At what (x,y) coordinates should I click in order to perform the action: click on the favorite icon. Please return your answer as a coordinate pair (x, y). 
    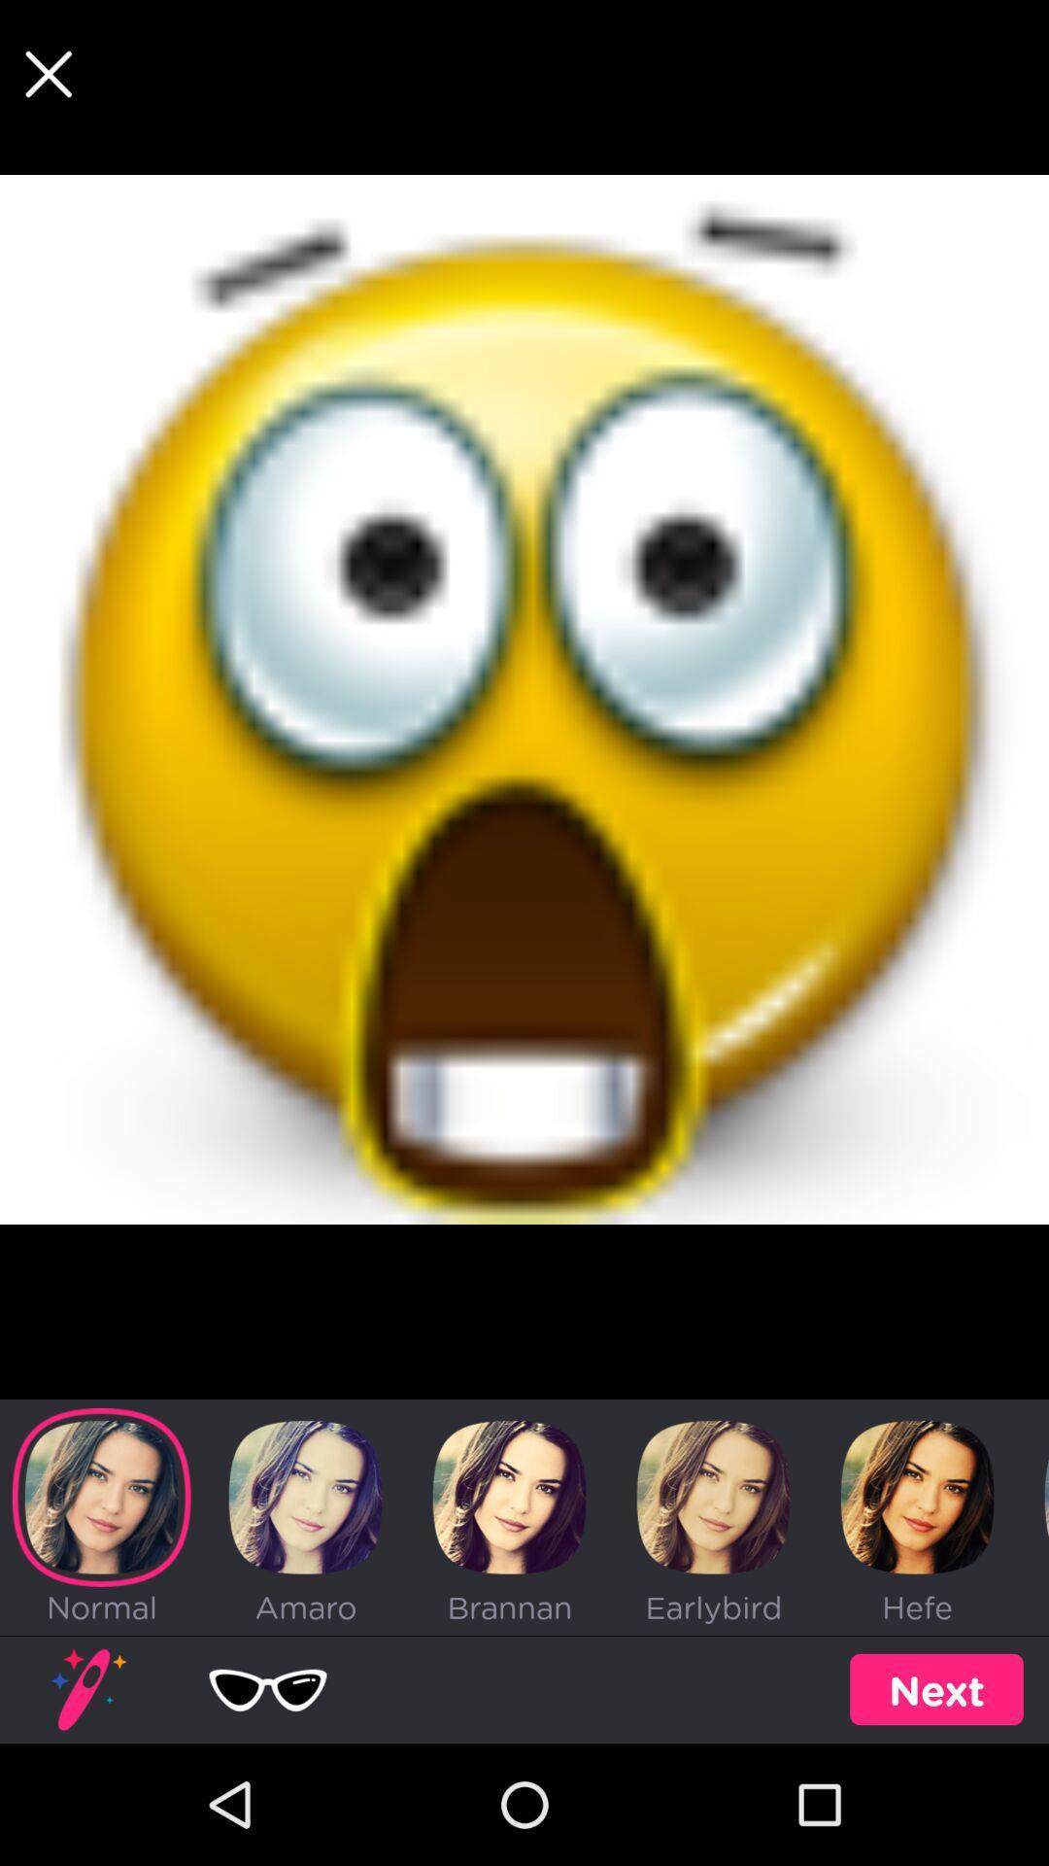
    Looking at the image, I should click on (267, 1688).